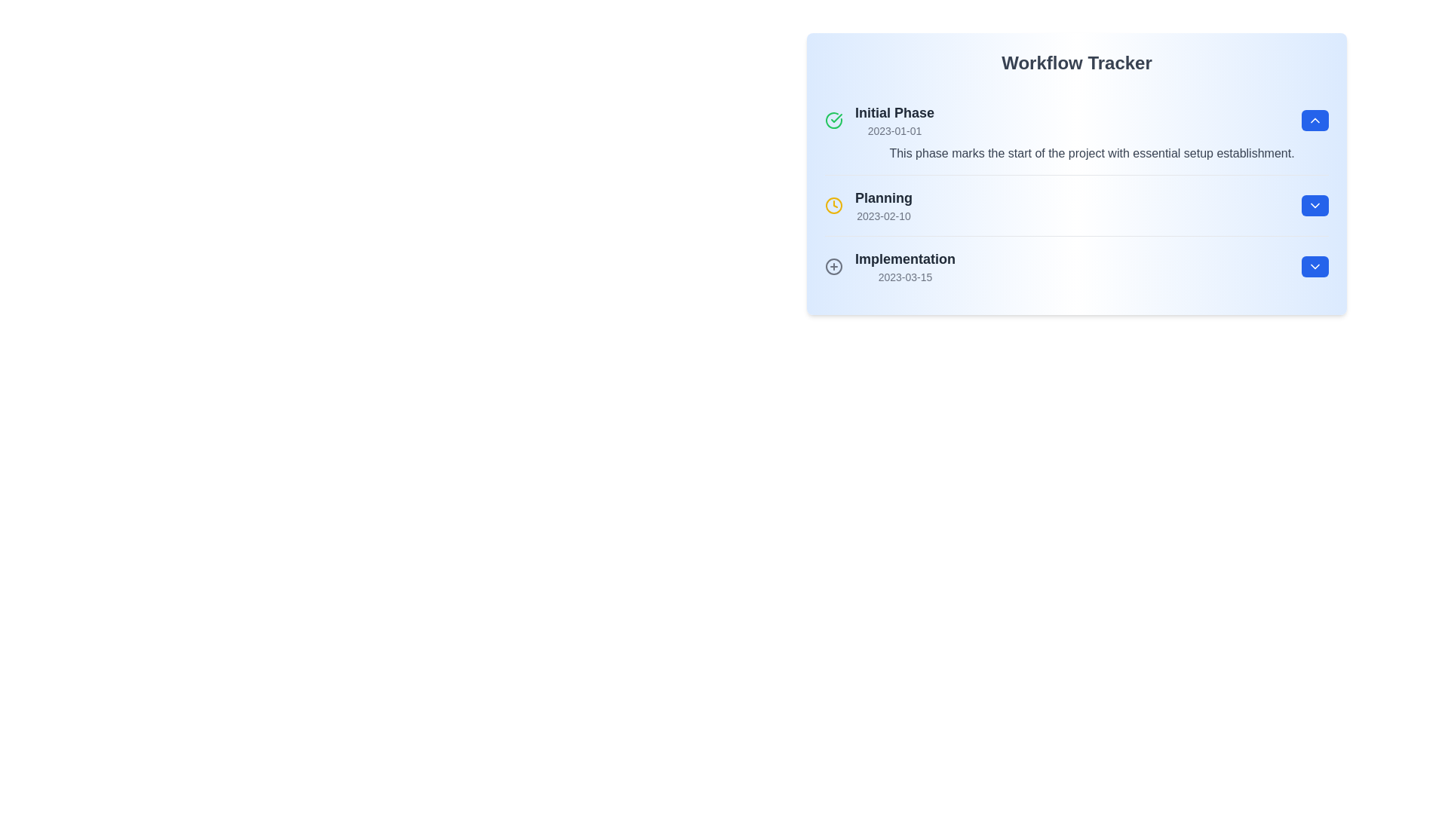 Image resolution: width=1448 pixels, height=814 pixels. I want to click on the 'Initial Phase' text label, which is a bold, dark gray component located at the top-left of the 'Workflow Tracker' list, so click(894, 112).